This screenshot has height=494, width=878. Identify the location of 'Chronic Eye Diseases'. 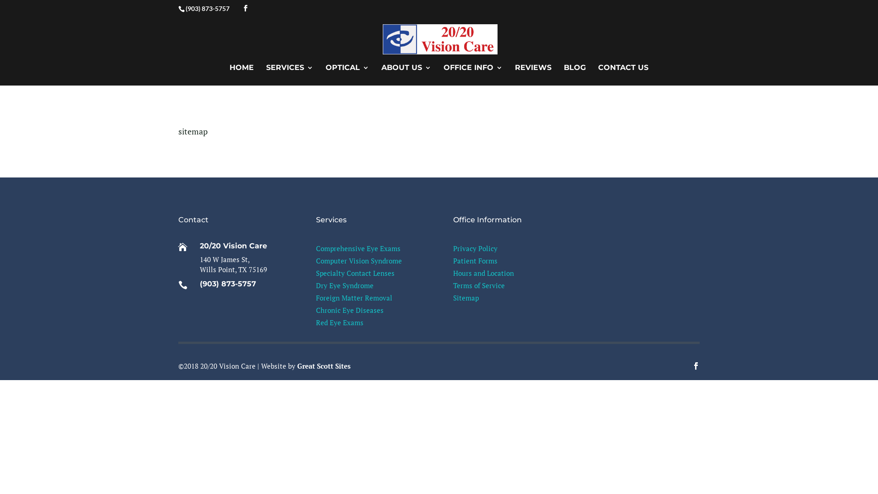
(349, 310).